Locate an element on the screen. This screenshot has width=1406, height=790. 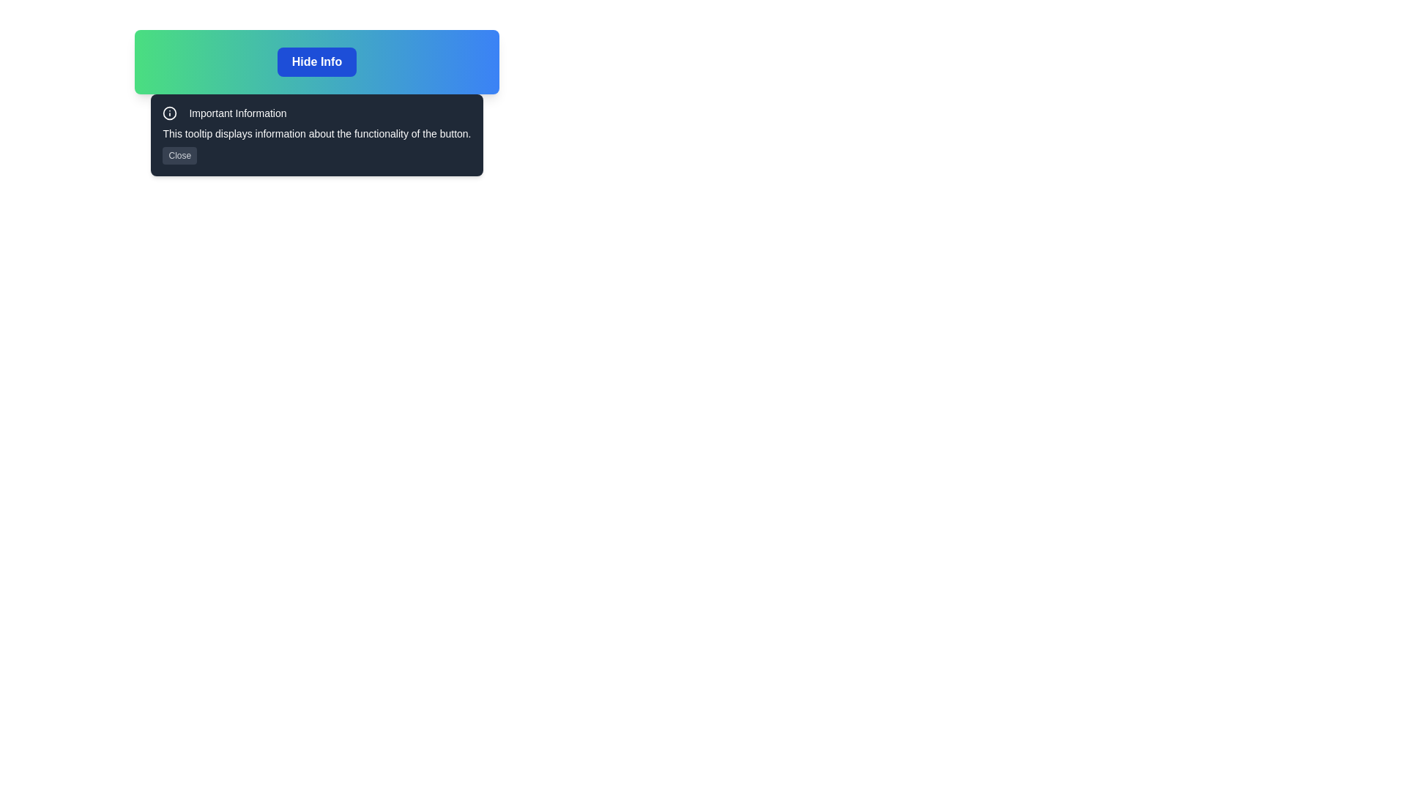
the close button located at the bottom-left corner of the tooltip is located at coordinates (179, 155).